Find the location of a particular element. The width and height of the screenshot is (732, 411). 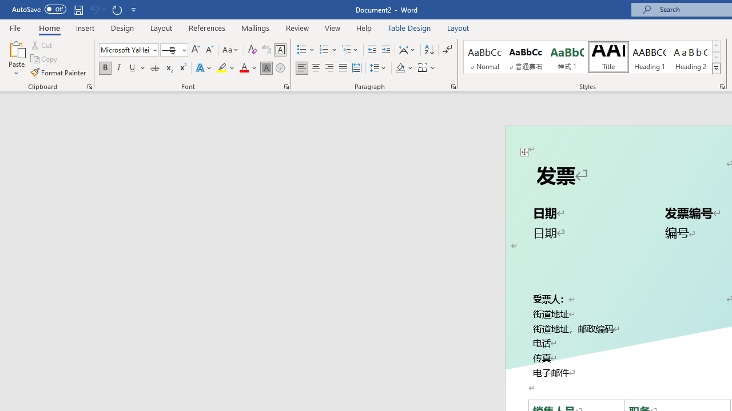

'Design' is located at coordinates (122, 27).